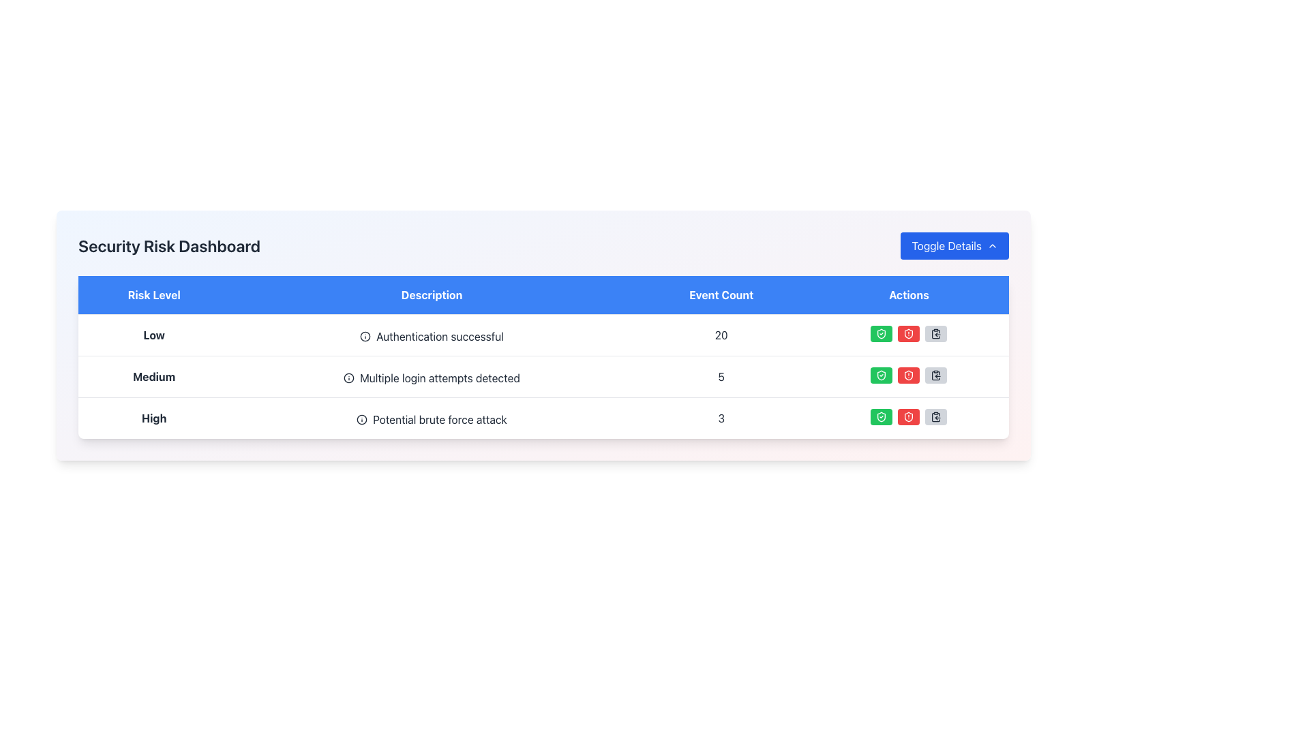  I want to click on the 'shield with a checkmark' icon located in the 'Actions' column of the first row, which corresponds to the 'Low' risk level, so click(882, 333).